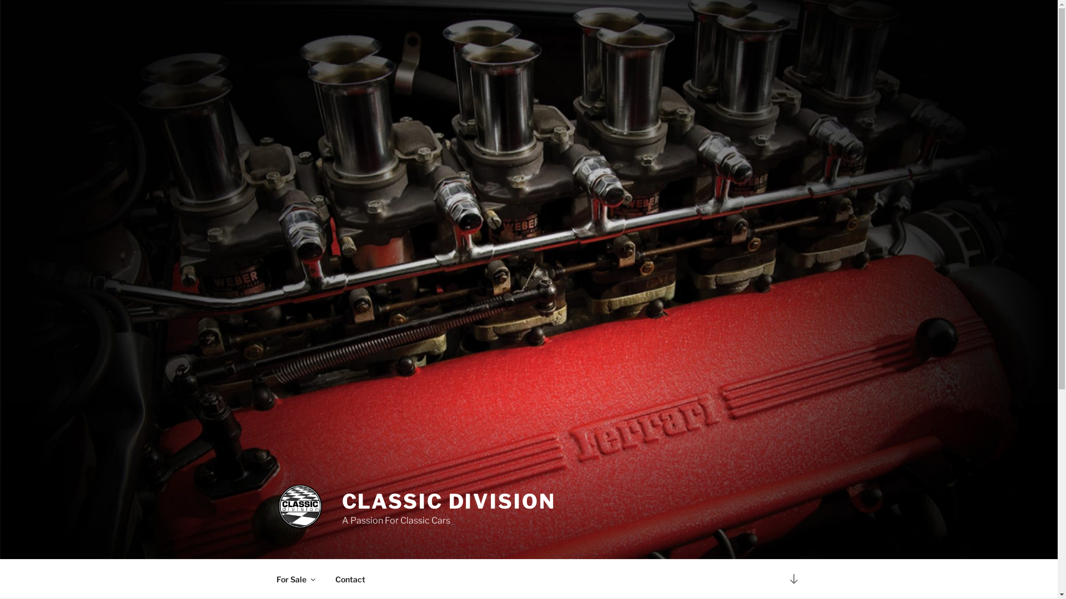  I want to click on 'Skip to content', so click(0, 0).